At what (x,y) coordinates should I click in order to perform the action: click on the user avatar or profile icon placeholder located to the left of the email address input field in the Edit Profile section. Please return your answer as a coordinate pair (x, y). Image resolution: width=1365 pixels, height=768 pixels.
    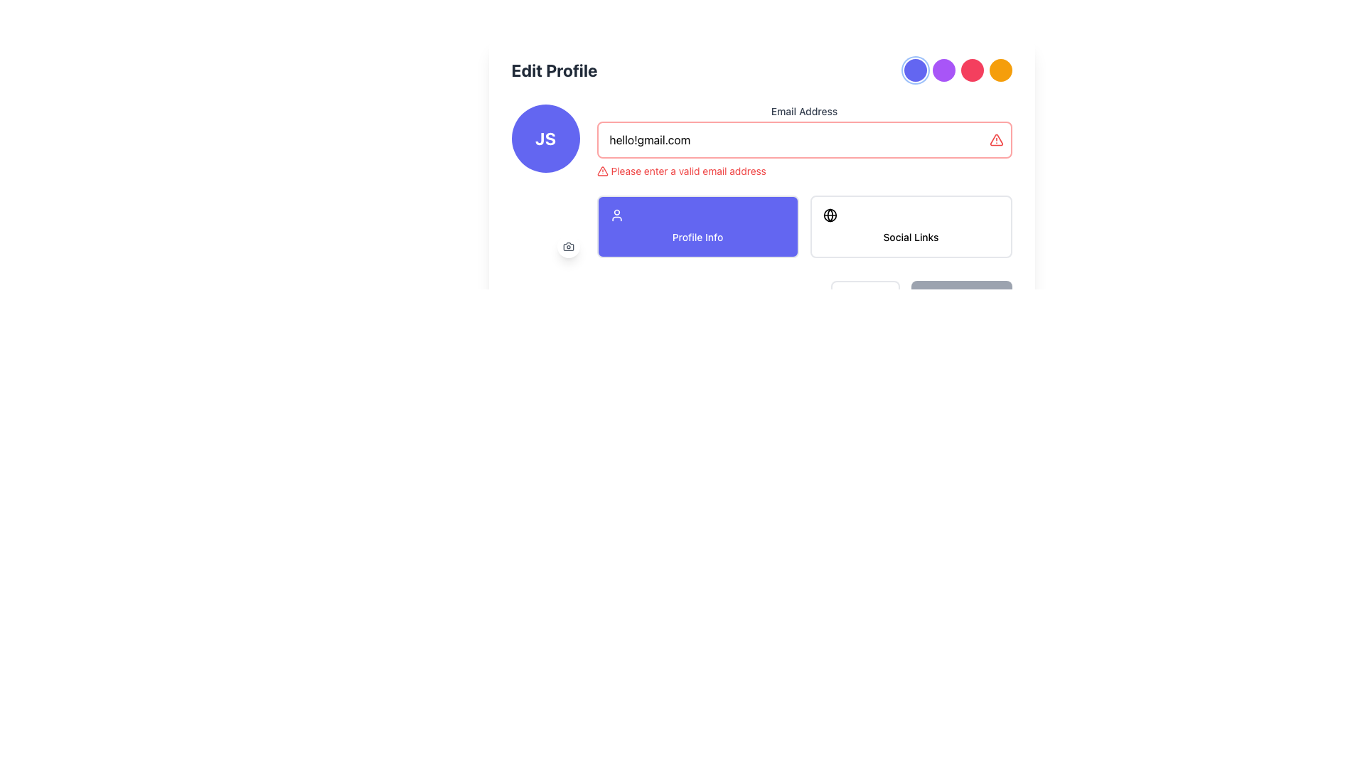
    Looking at the image, I should click on (545, 139).